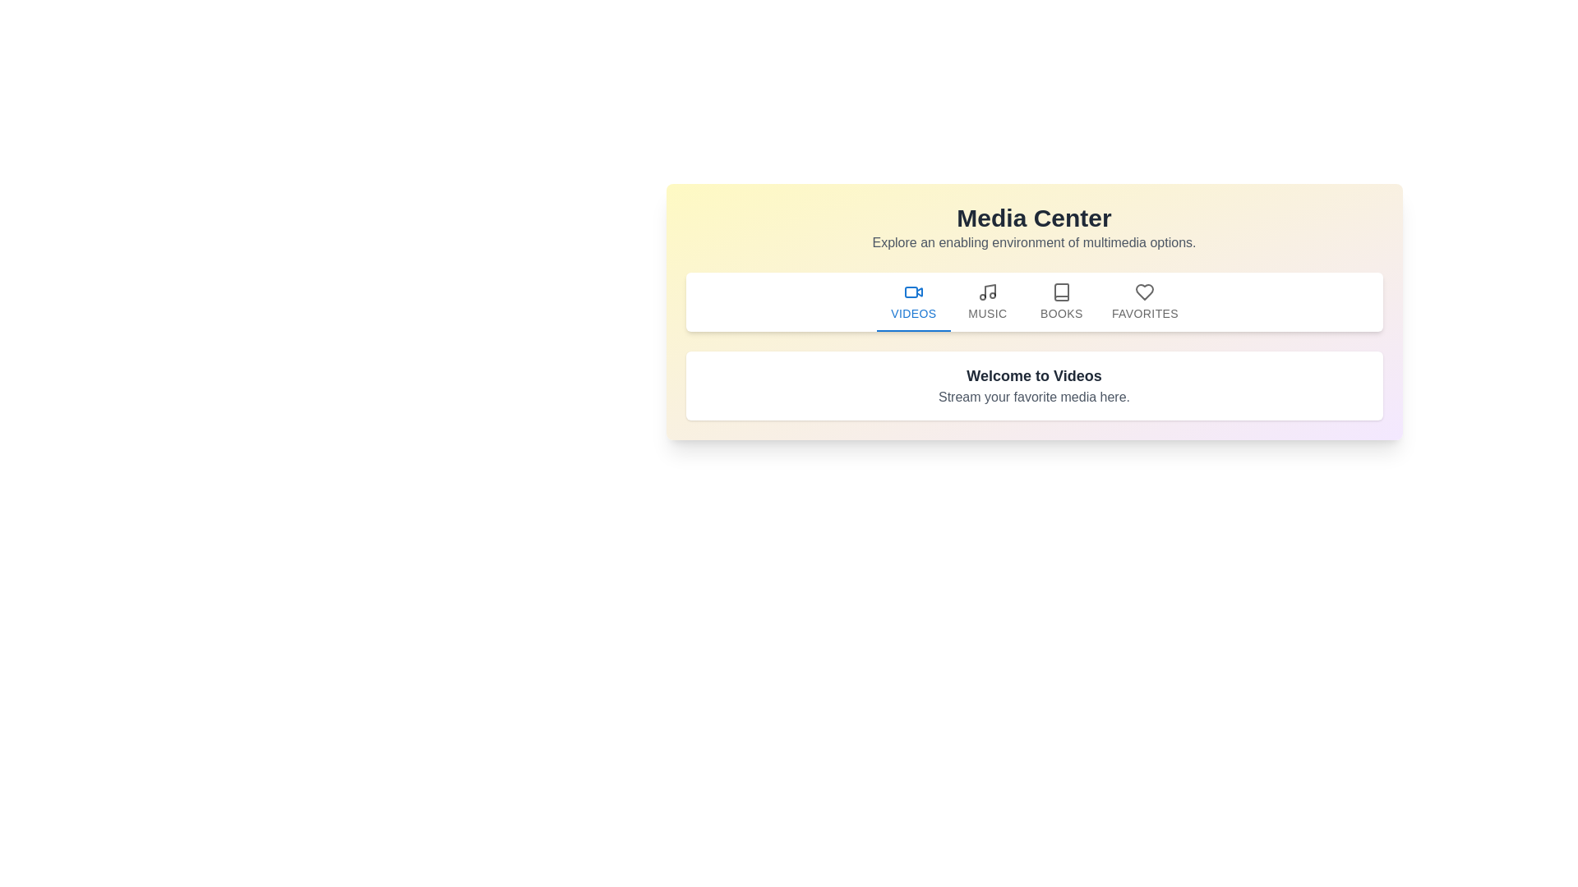 The image size is (1578, 887). Describe the element at coordinates (1061, 292) in the screenshot. I see `the book icon located in the 'BOOKS' tab of the tab selection interface` at that location.